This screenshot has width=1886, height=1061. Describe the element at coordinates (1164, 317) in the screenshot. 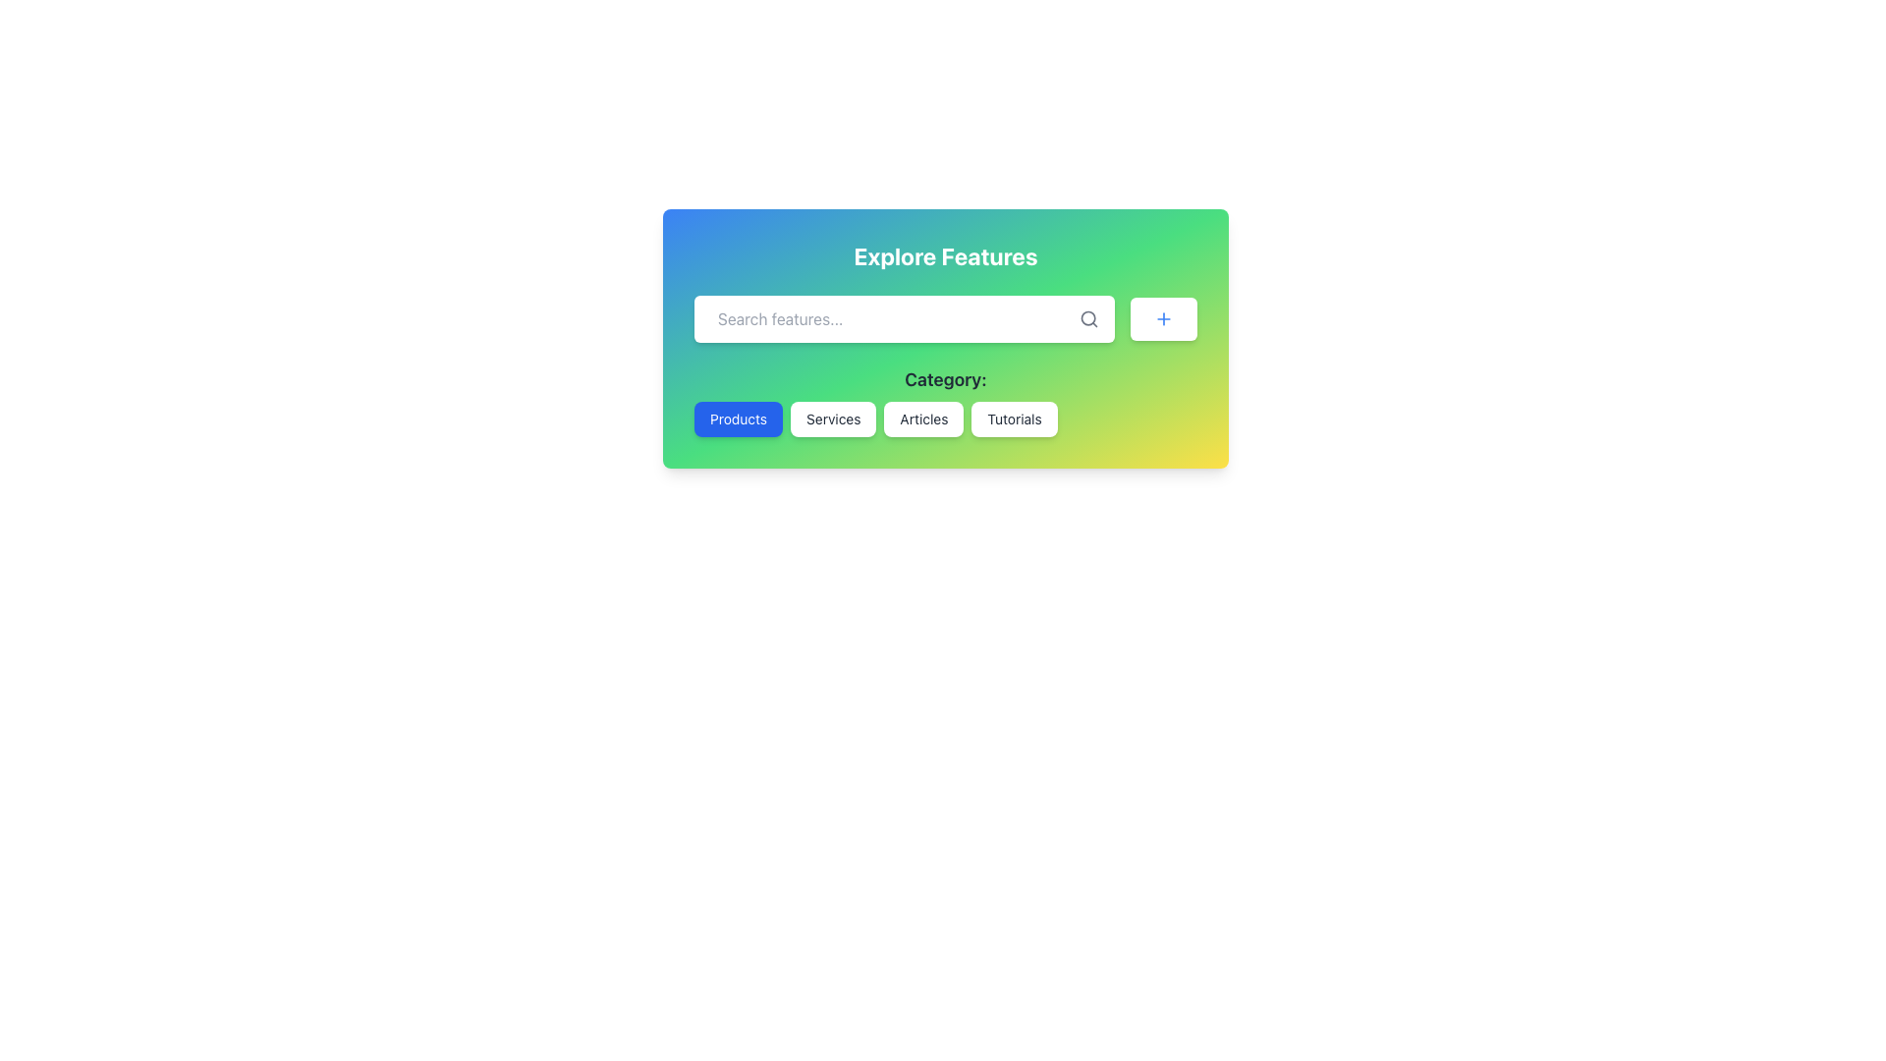

I see `the button with a plus icon, located to the far right of a group of elements` at that location.